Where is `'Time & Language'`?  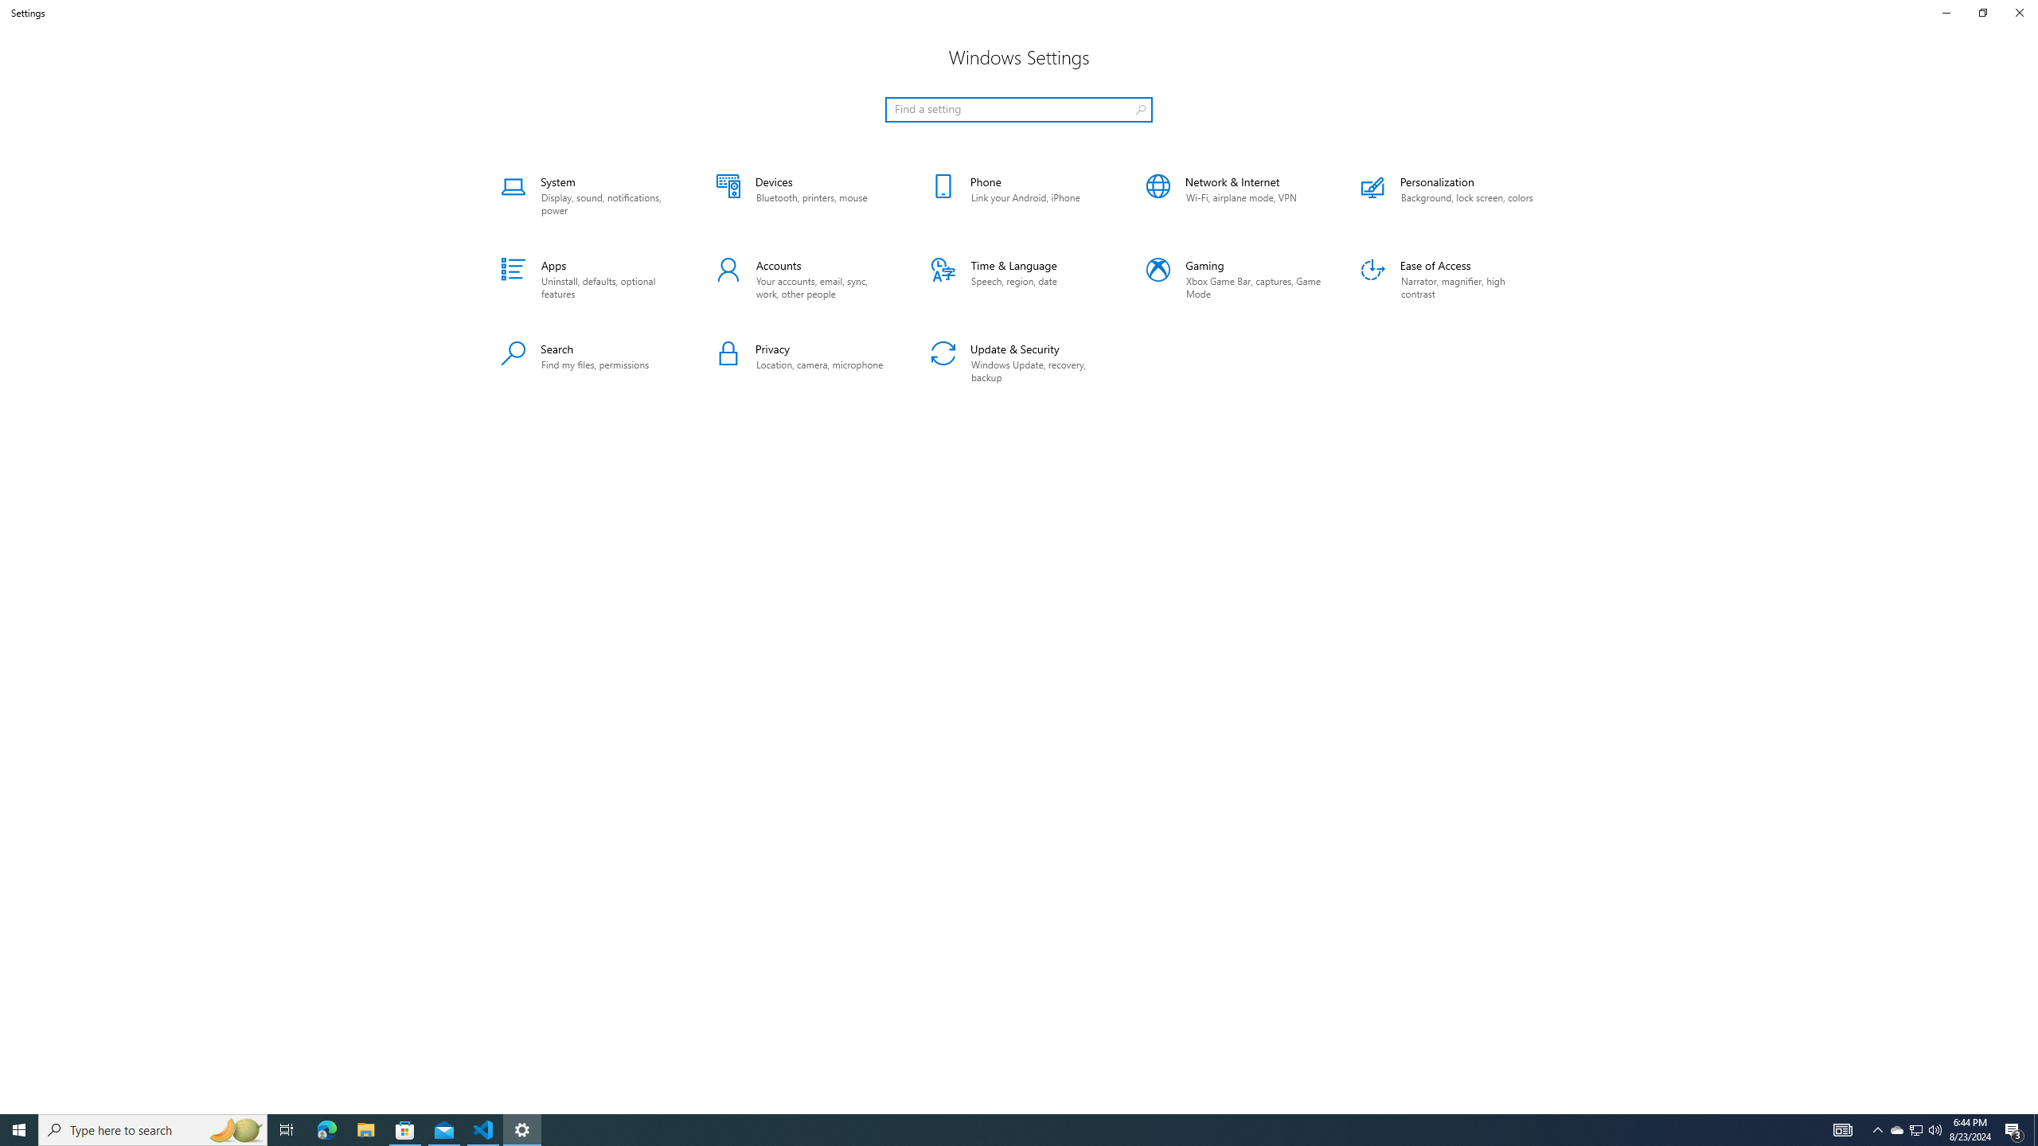 'Time & Language' is located at coordinates (1019, 280).